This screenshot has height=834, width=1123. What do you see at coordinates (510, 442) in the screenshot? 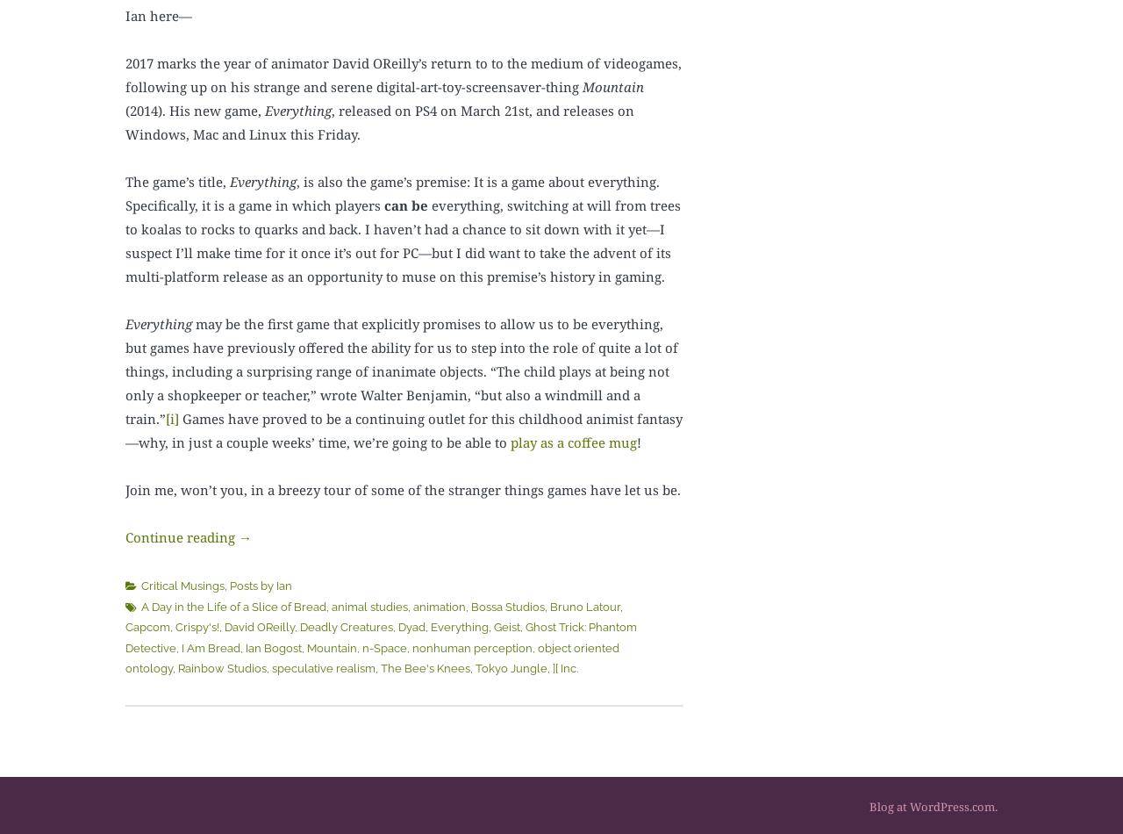
I see `'play as a coffee mug'` at bounding box center [510, 442].